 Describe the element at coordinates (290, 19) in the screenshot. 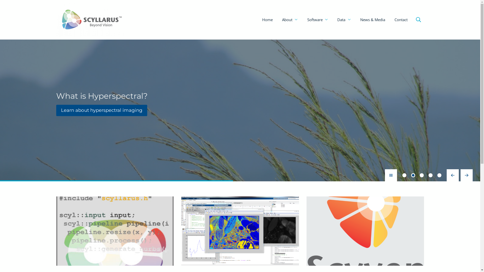

I see `'About'` at that location.